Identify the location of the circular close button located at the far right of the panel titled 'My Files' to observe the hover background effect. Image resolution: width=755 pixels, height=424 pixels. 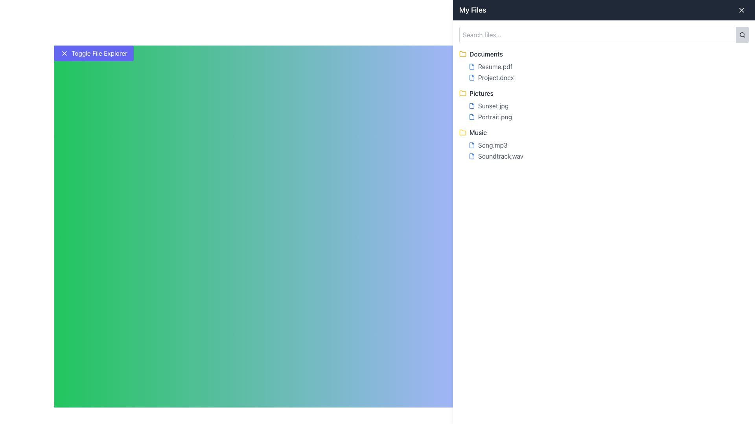
(741, 10).